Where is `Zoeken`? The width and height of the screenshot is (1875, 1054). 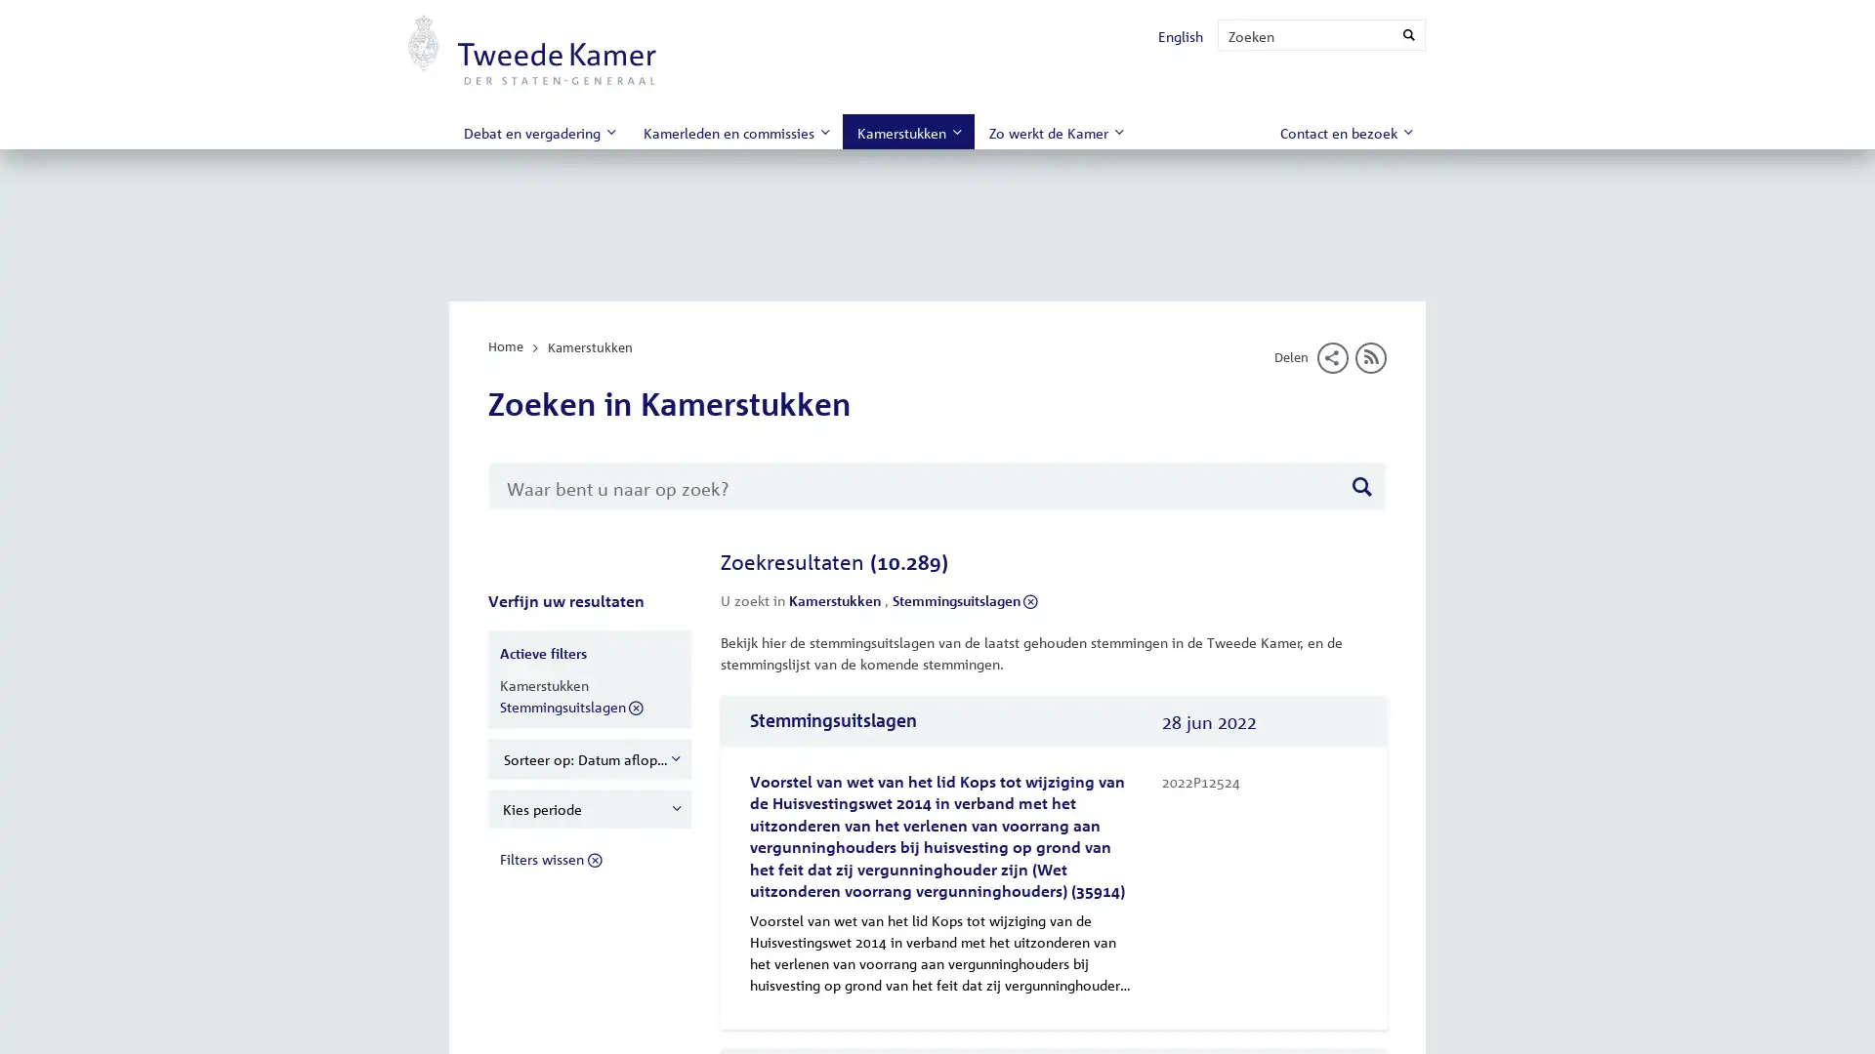 Zoeken is located at coordinates (1361, 485).